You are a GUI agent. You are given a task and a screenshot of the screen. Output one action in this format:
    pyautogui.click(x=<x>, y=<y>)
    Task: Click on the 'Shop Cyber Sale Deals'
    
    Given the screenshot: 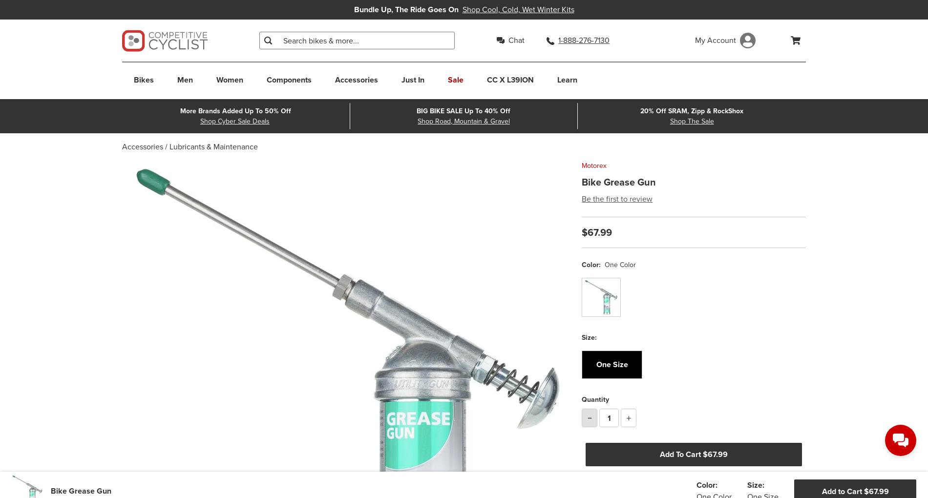 What is the action you would take?
    pyautogui.click(x=234, y=121)
    